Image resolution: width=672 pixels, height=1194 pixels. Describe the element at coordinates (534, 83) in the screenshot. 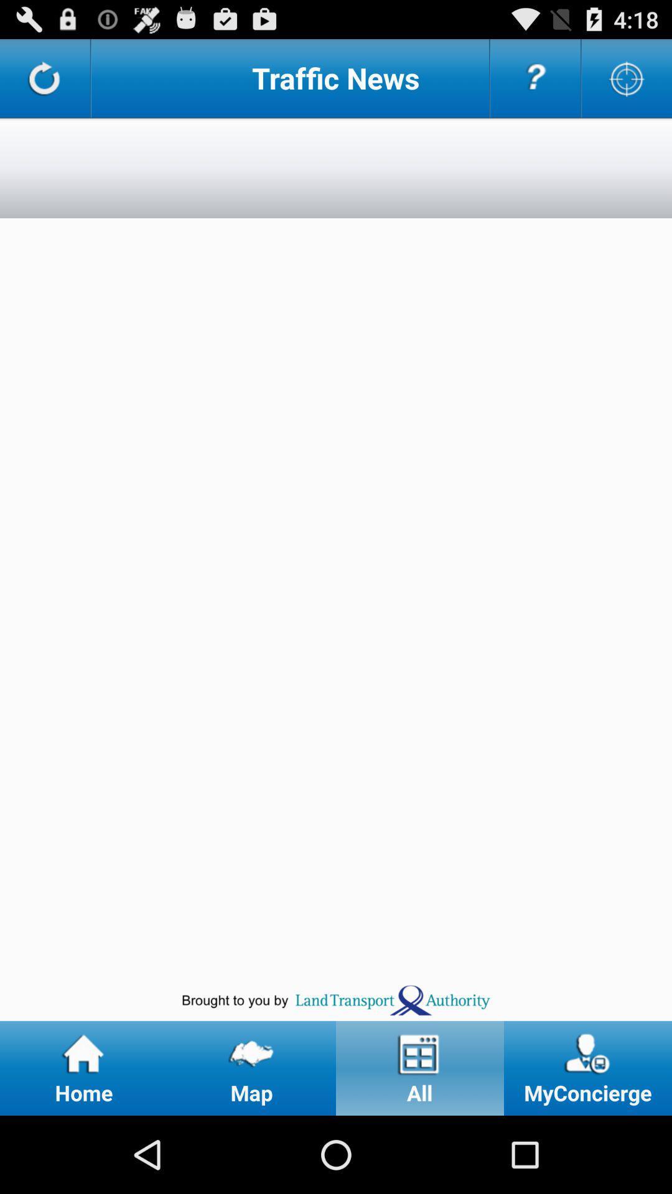

I see `the help icon` at that location.